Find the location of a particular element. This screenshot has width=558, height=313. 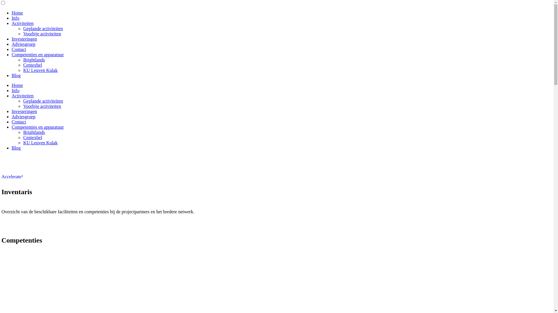

'Activiteiten' is located at coordinates (11, 23).